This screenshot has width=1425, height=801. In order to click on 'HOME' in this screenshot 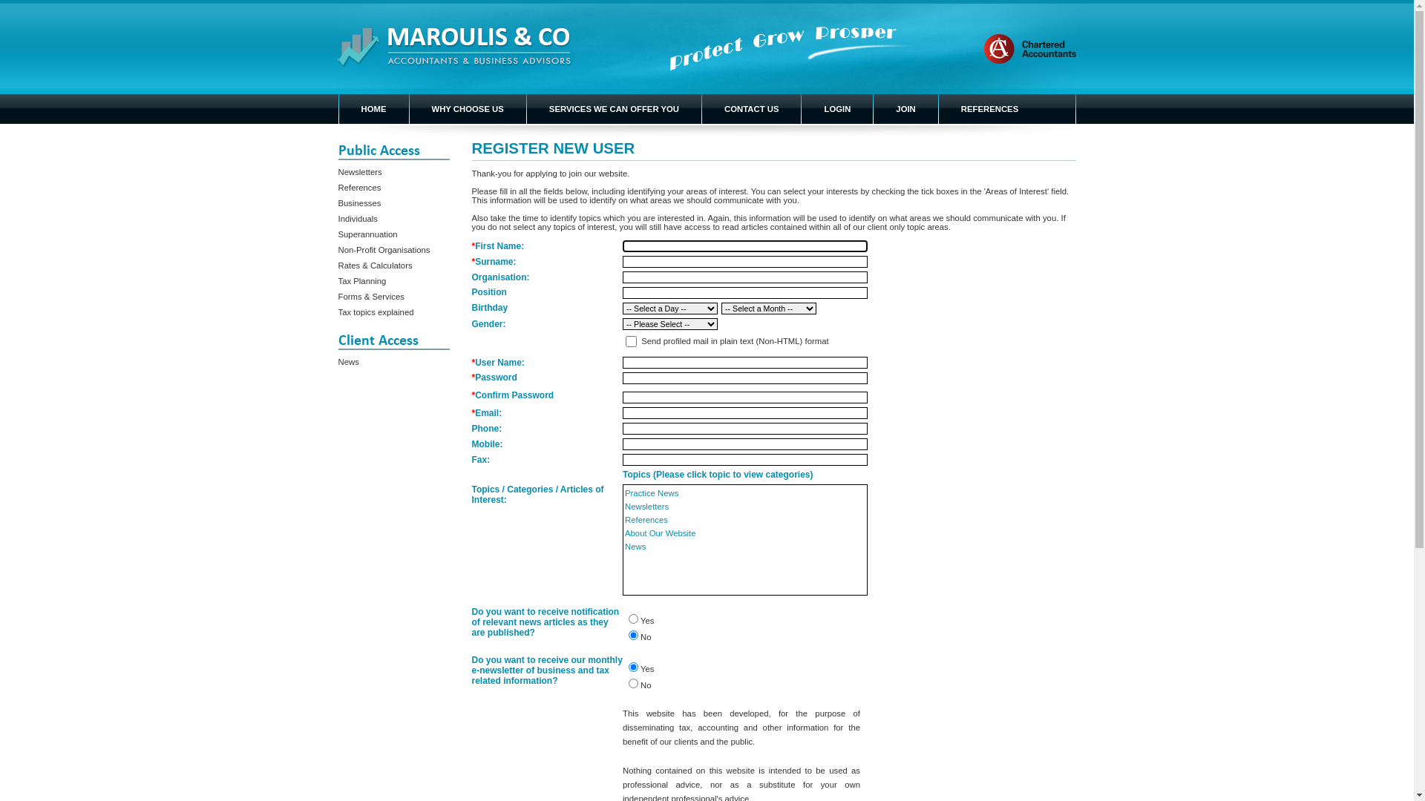, I will do `click(373, 108)`.